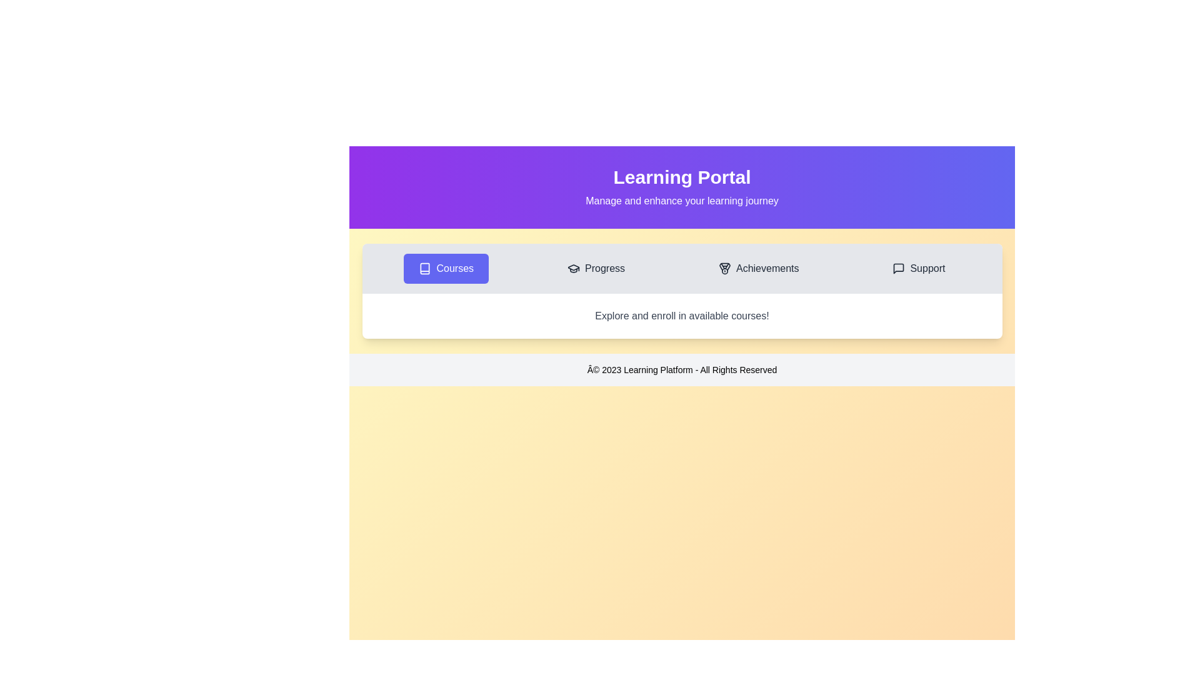 Image resolution: width=1200 pixels, height=675 pixels. I want to click on the chat-shaped icon that represents messaging or comments, which is located at the end of a row of icons, next to 'Support', so click(898, 267).